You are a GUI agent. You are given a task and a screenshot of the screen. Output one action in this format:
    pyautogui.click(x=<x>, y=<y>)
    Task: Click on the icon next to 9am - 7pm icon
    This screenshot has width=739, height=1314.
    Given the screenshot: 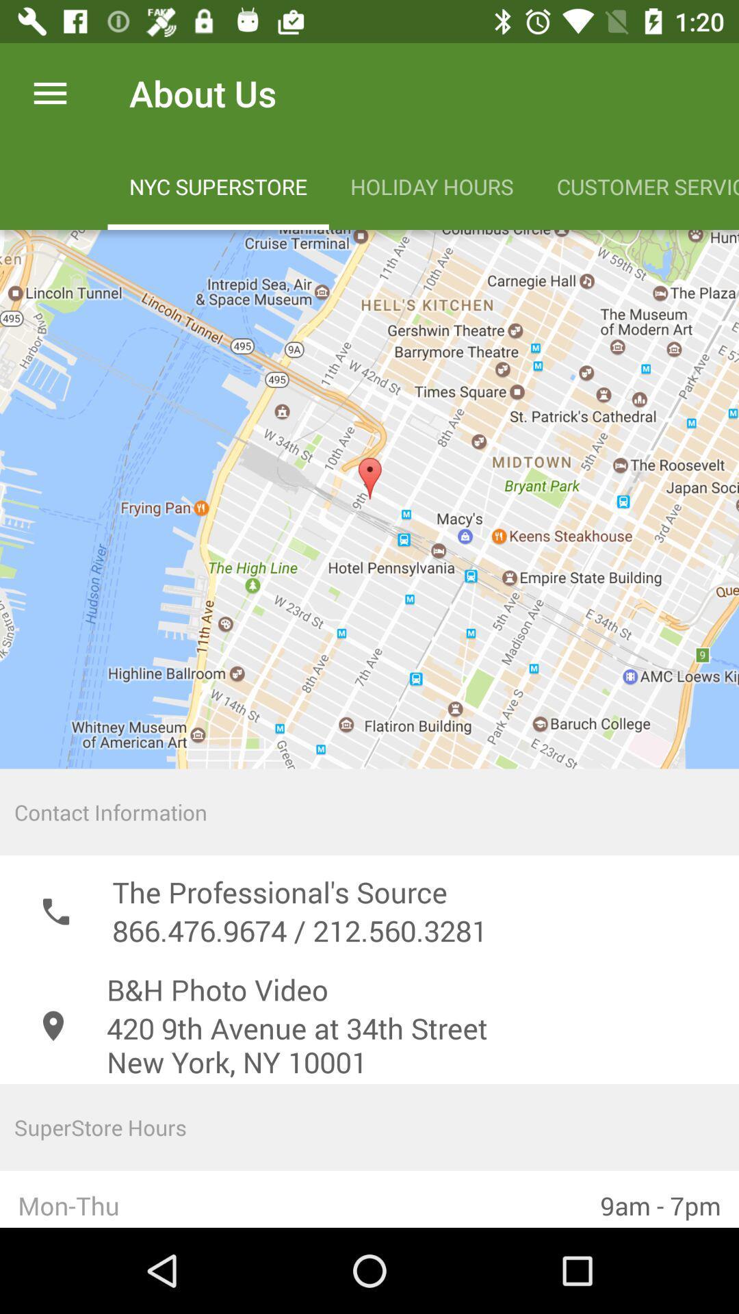 What is the action you would take?
    pyautogui.click(x=290, y=1198)
    